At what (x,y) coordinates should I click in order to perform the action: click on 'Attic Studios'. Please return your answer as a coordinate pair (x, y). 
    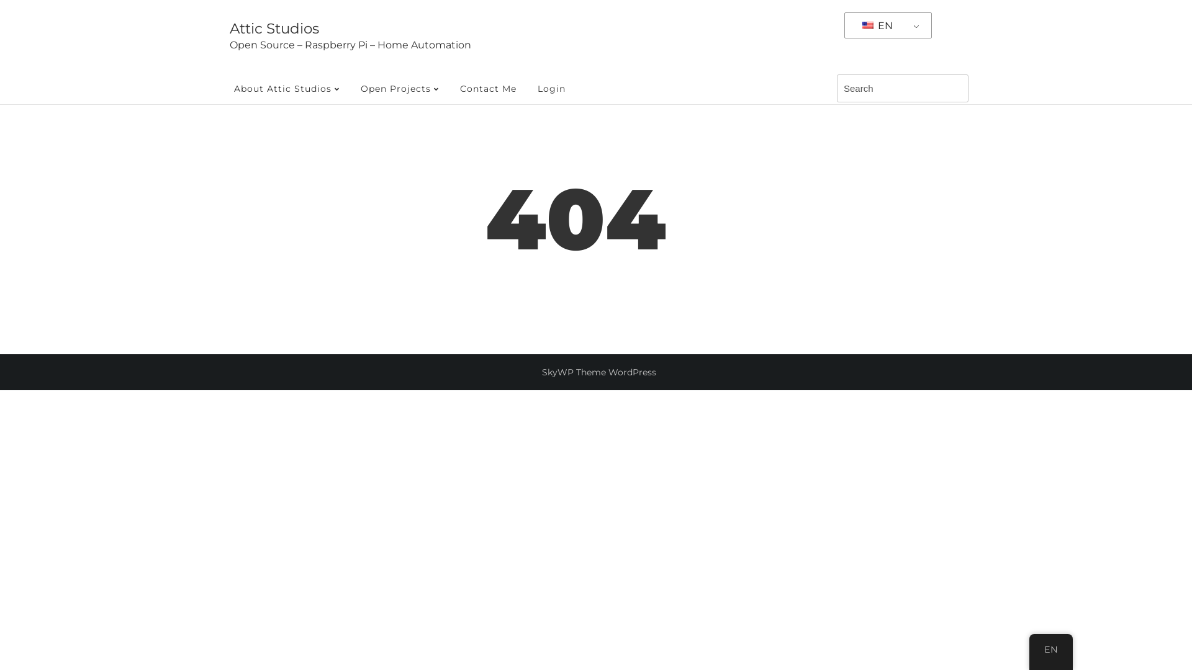
    Looking at the image, I should click on (273, 28).